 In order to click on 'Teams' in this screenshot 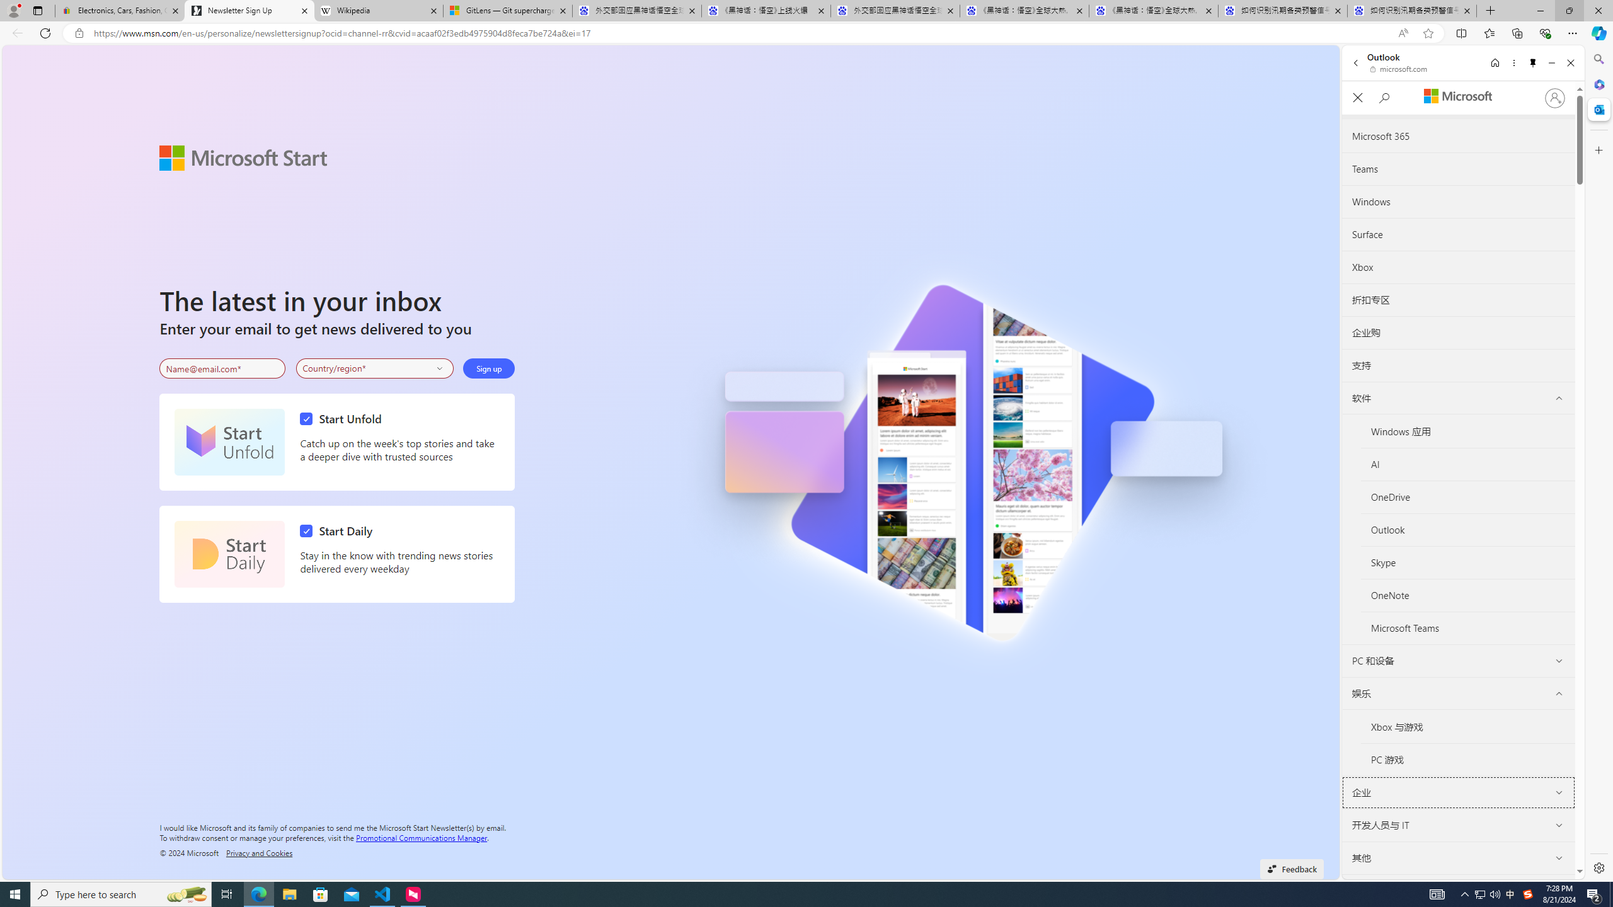, I will do `click(1459, 169)`.